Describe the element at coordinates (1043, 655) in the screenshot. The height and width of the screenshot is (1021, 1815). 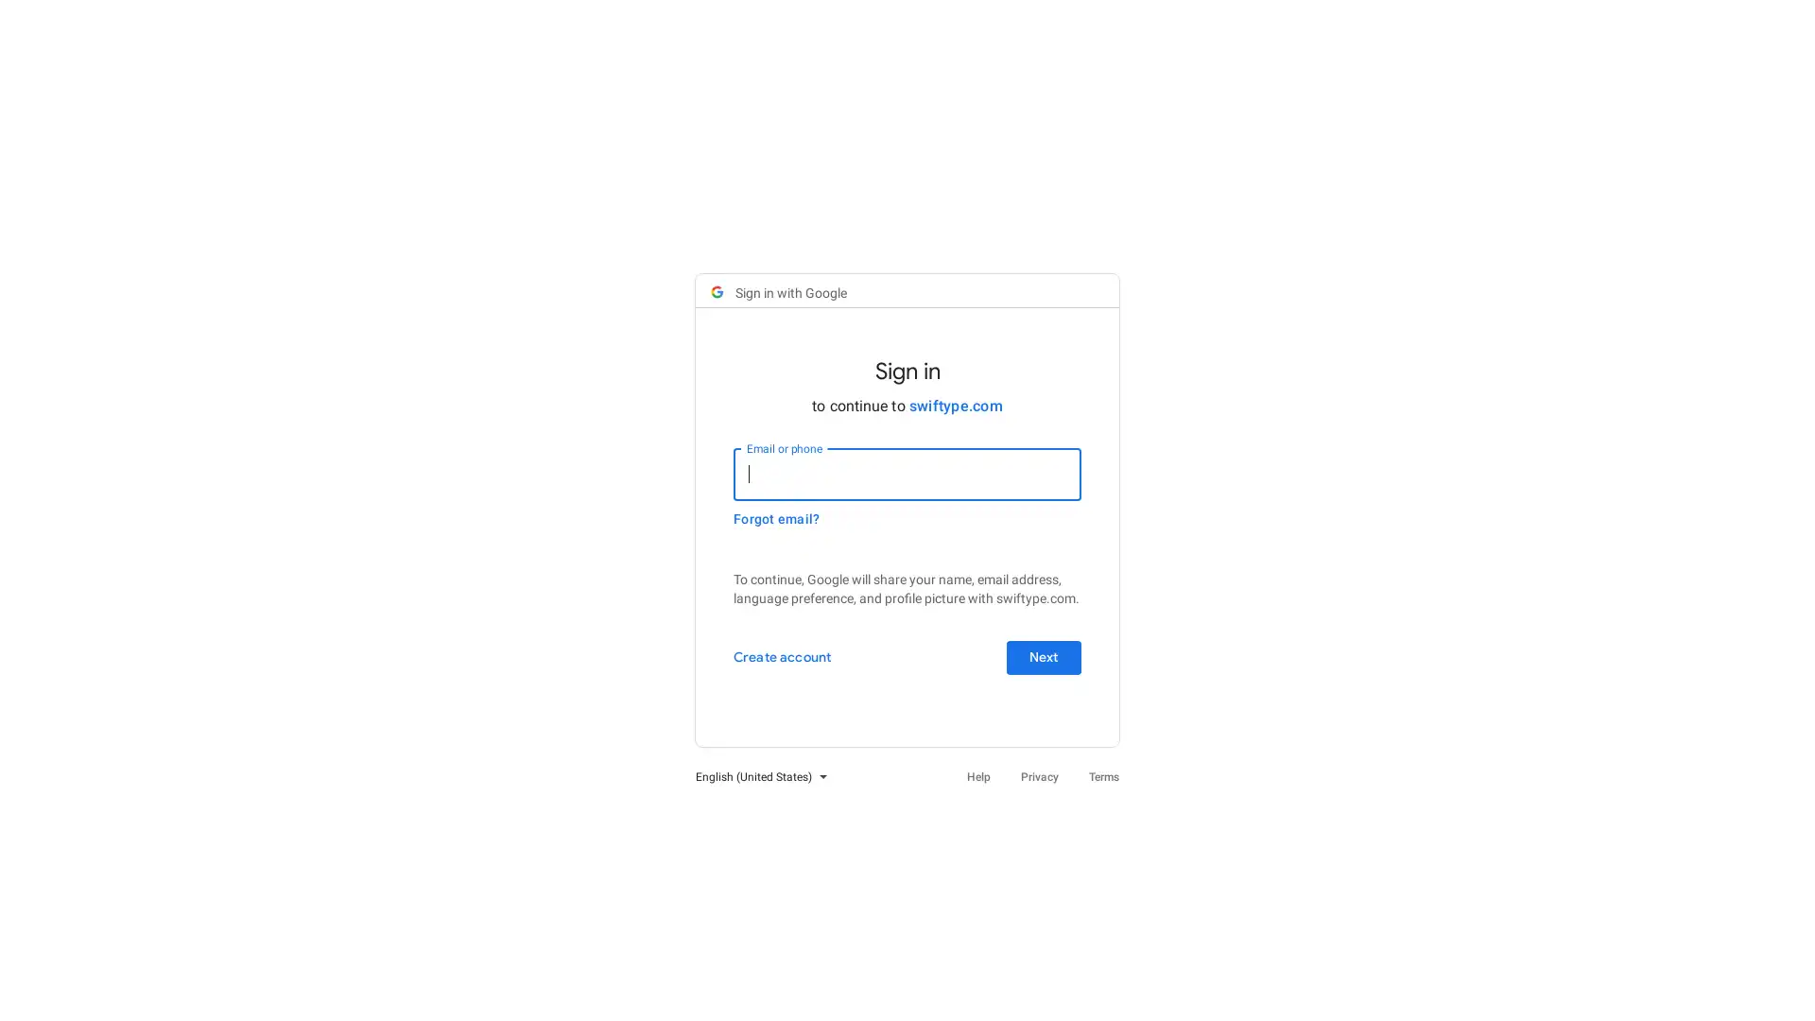
I see `Next` at that location.